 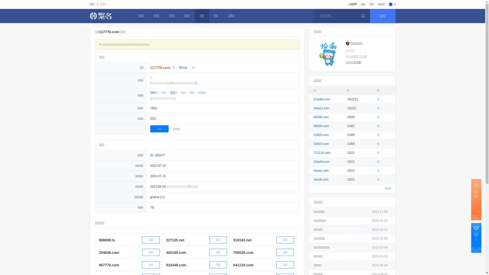 What do you see at coordinates (321, 108) in the screenshot?
I see `'zhaoLf.com'` at bounding box center [321, 108].